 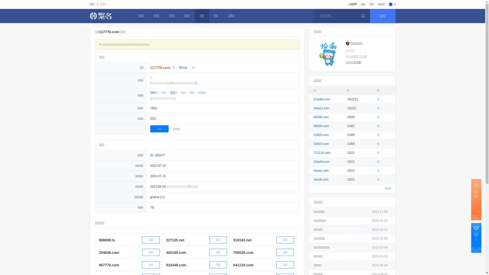 What do you see at coordinates (321, 108) in the screenshot?
I see `'zhaoLf.com'` at bounding box center [321, 108].